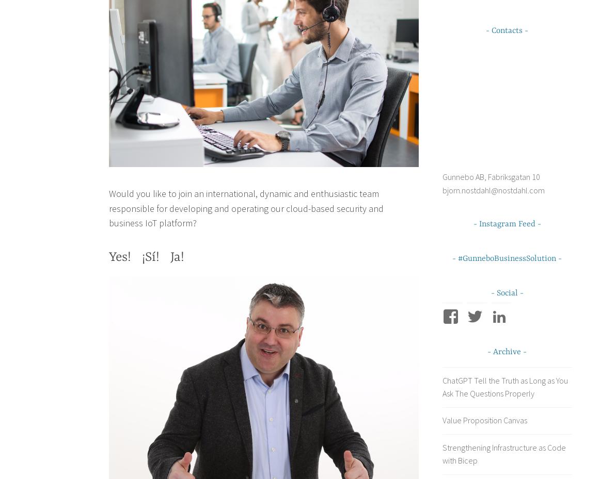 Image resolution: width=600 pixels, height=479 pixels. What do you see at coordinates (485, 420) in the screenshot?
I see `'Value Proposition Canvas'` at bounding box center [485, 420].